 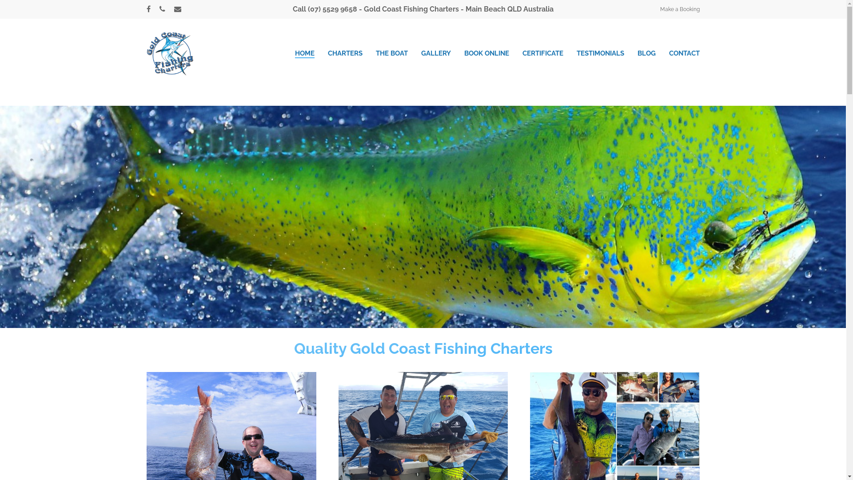 I want to click on 'CHARTERS', so click(x=345, y=53).